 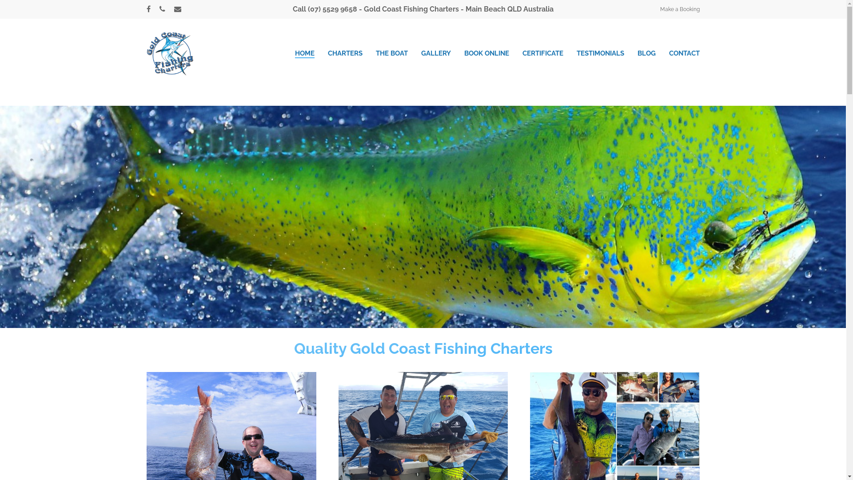 I want to click on 'CHARTERS', so click(x=345, y=53).